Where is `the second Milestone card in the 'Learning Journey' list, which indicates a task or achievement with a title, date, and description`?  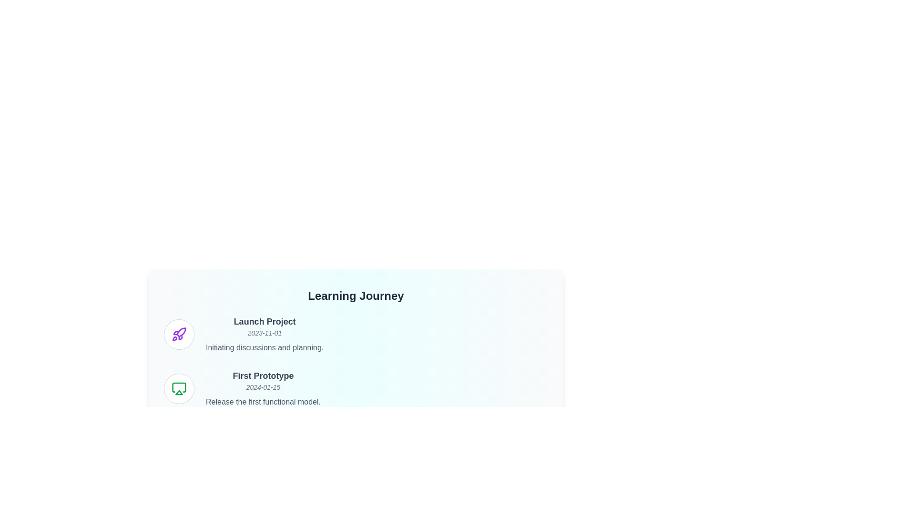 the second Milestone card in the 'Learning Journey' list, which indicates a task or achievement with a title, date, and description is located at coordinates (356, 389).